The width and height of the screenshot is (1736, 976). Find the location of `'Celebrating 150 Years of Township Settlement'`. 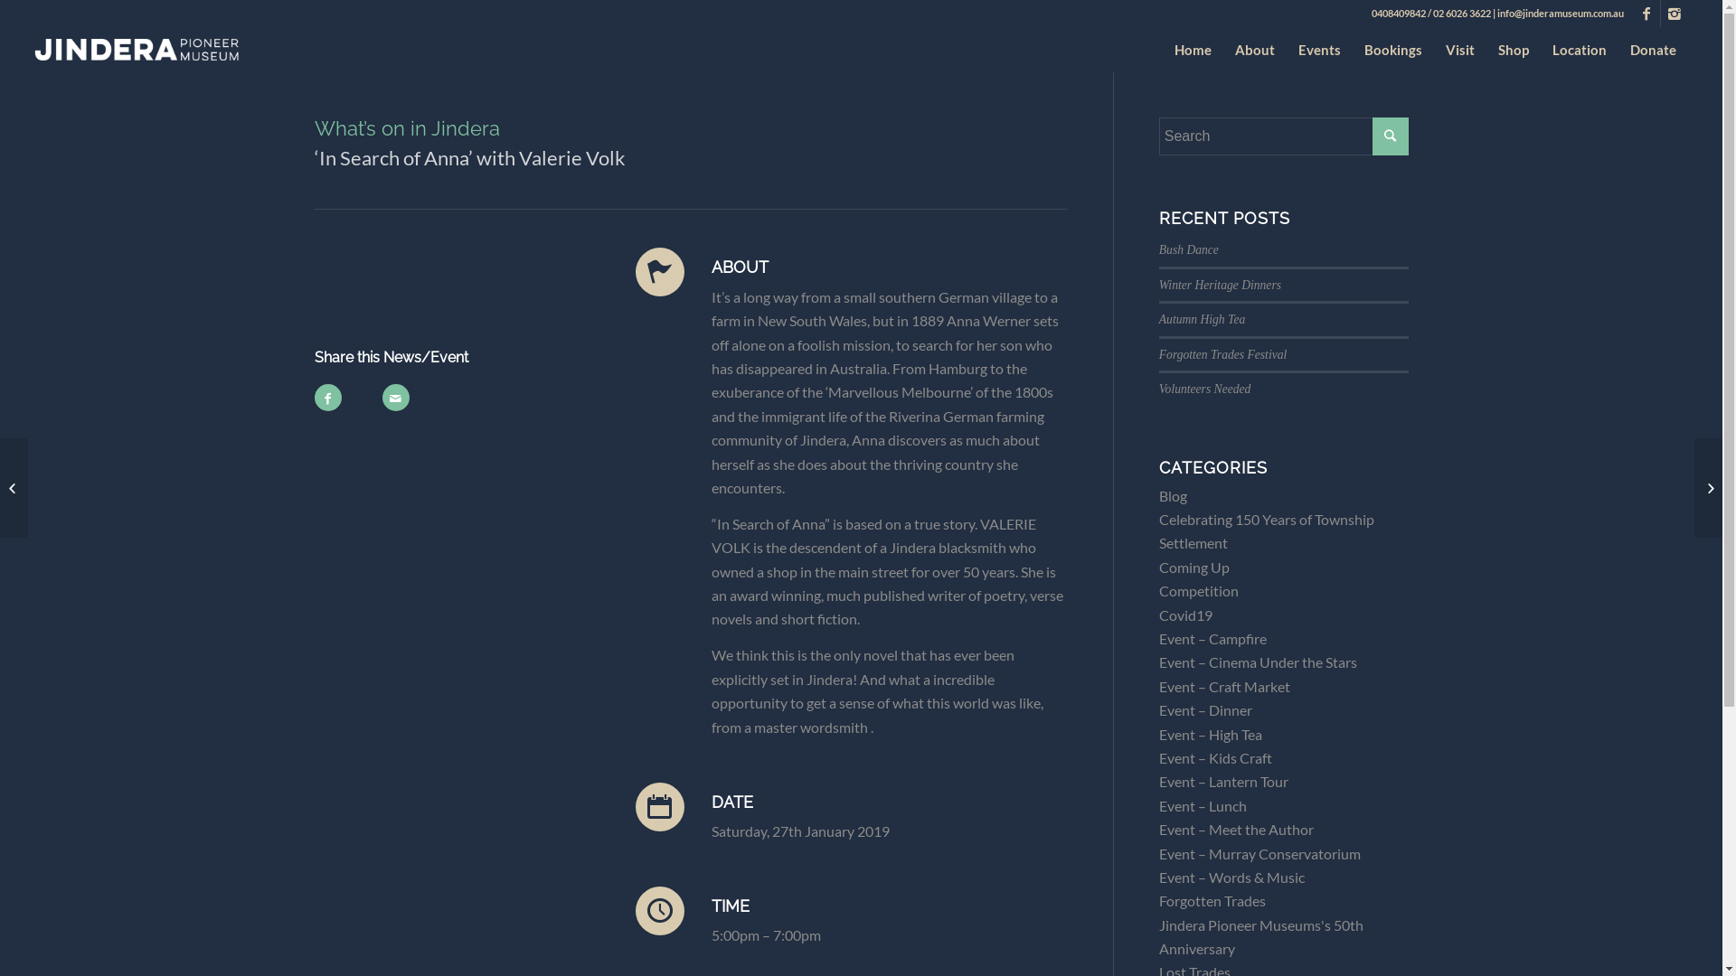

'Celebrating 150 Years of Township Settlement' is located at coordinates (1158, 530).